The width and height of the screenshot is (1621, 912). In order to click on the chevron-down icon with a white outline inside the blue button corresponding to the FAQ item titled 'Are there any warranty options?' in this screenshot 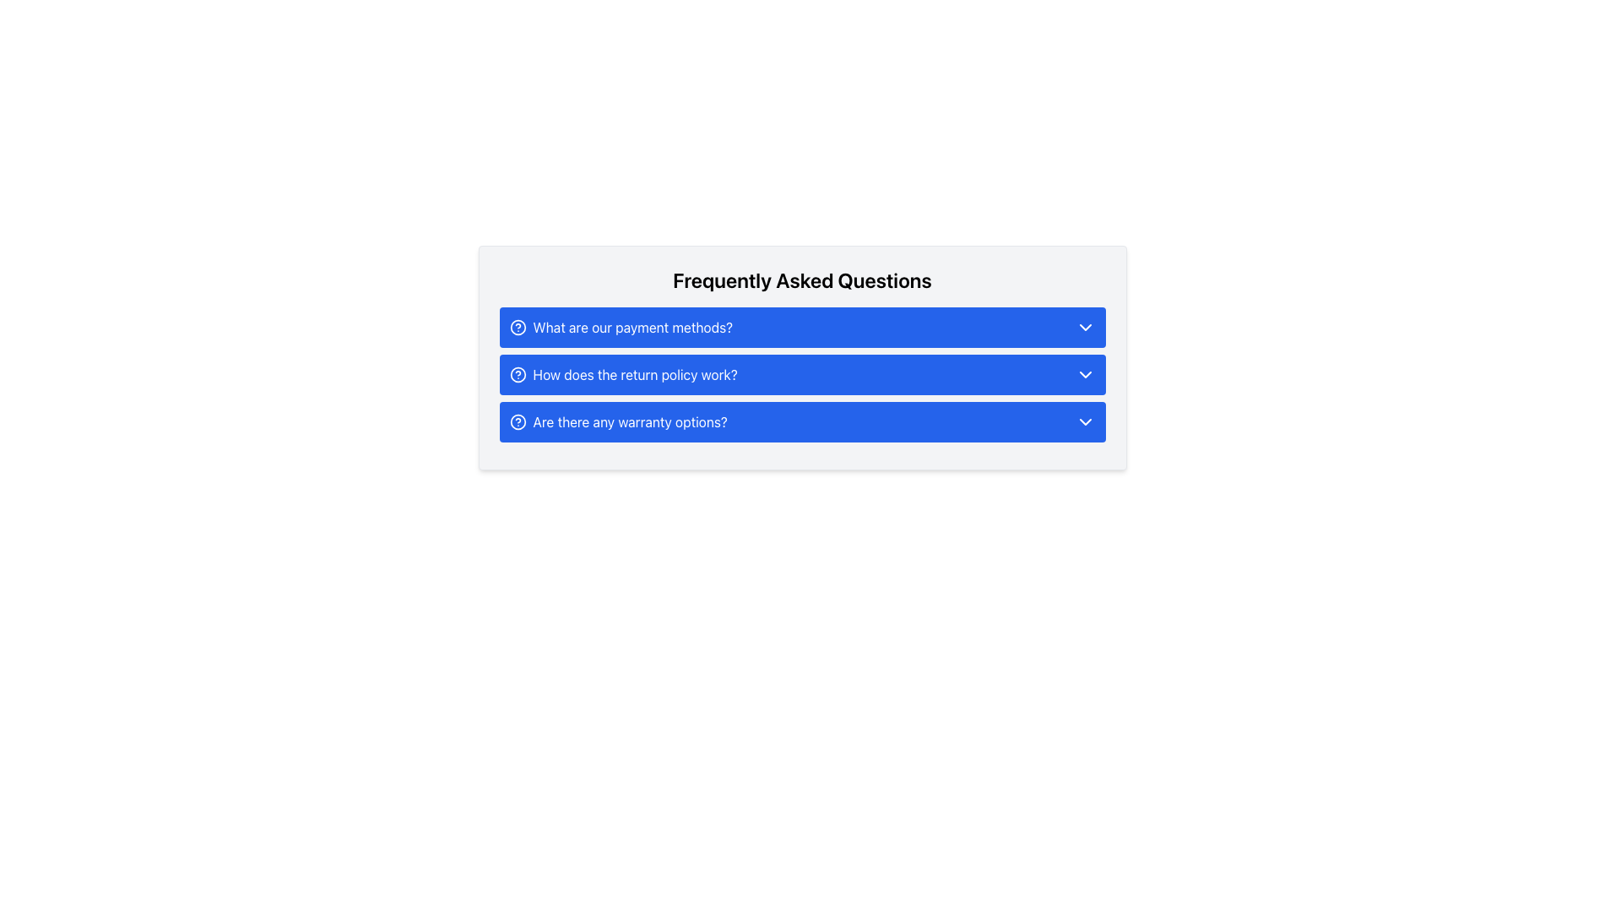, I will do `click(1085, 421)`.